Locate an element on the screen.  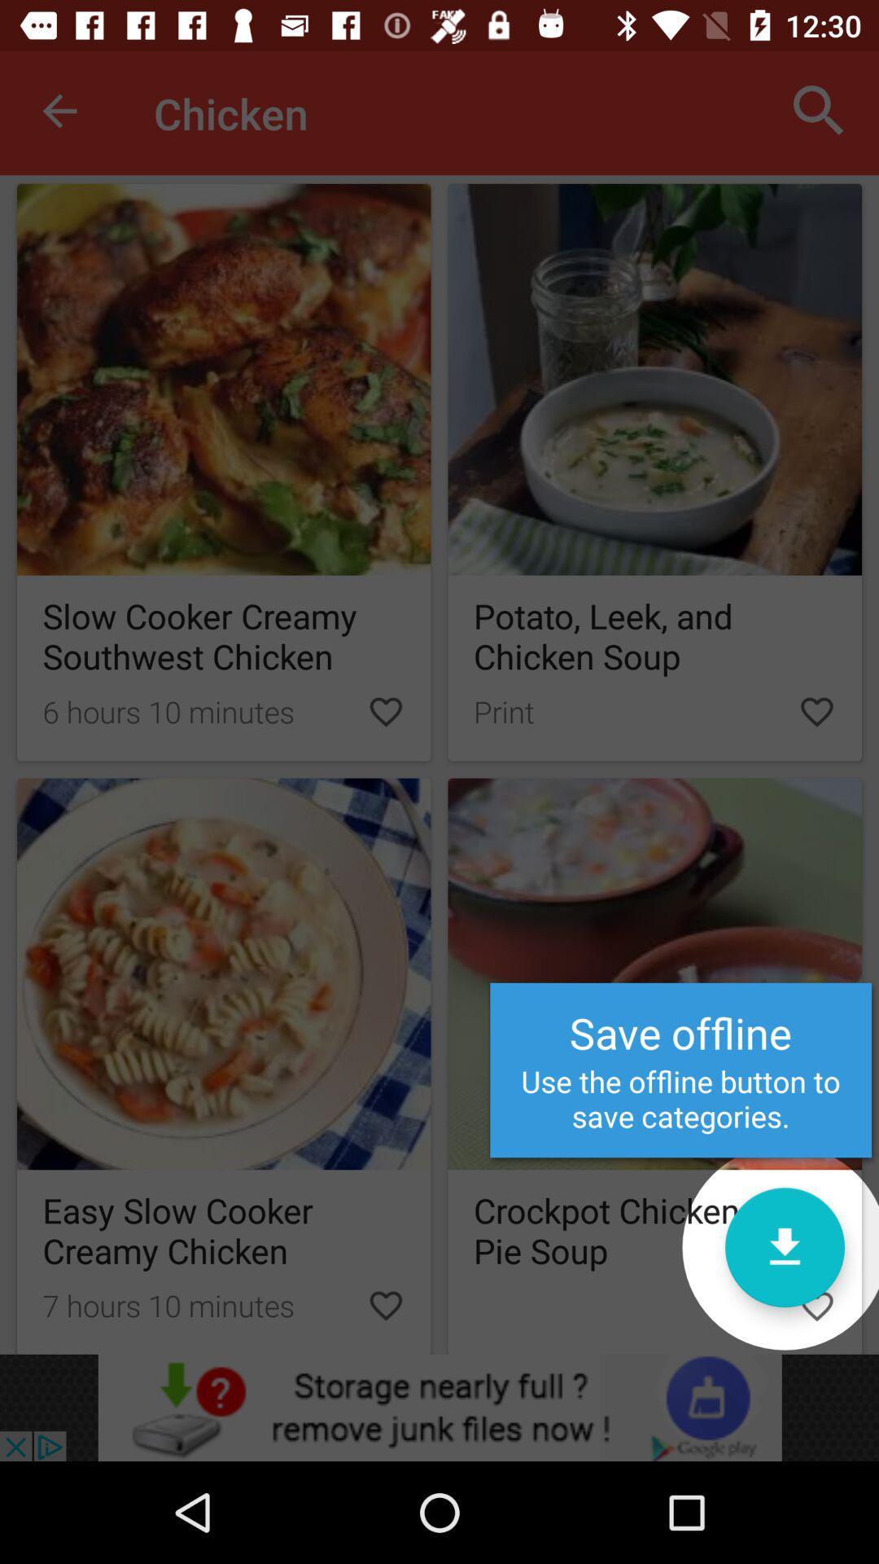
4th picture is located at coordinates (224, 1066).